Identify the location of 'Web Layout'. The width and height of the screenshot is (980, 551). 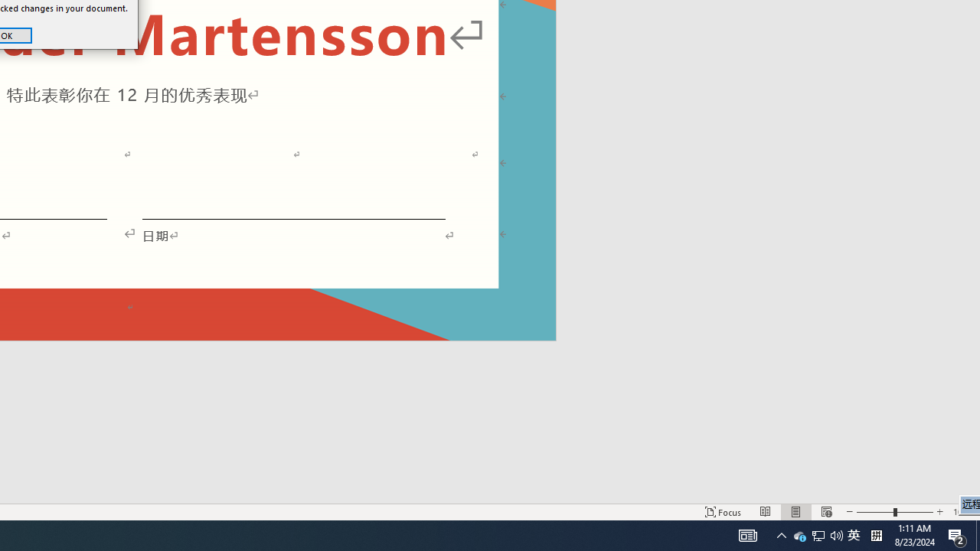
(825, 512).